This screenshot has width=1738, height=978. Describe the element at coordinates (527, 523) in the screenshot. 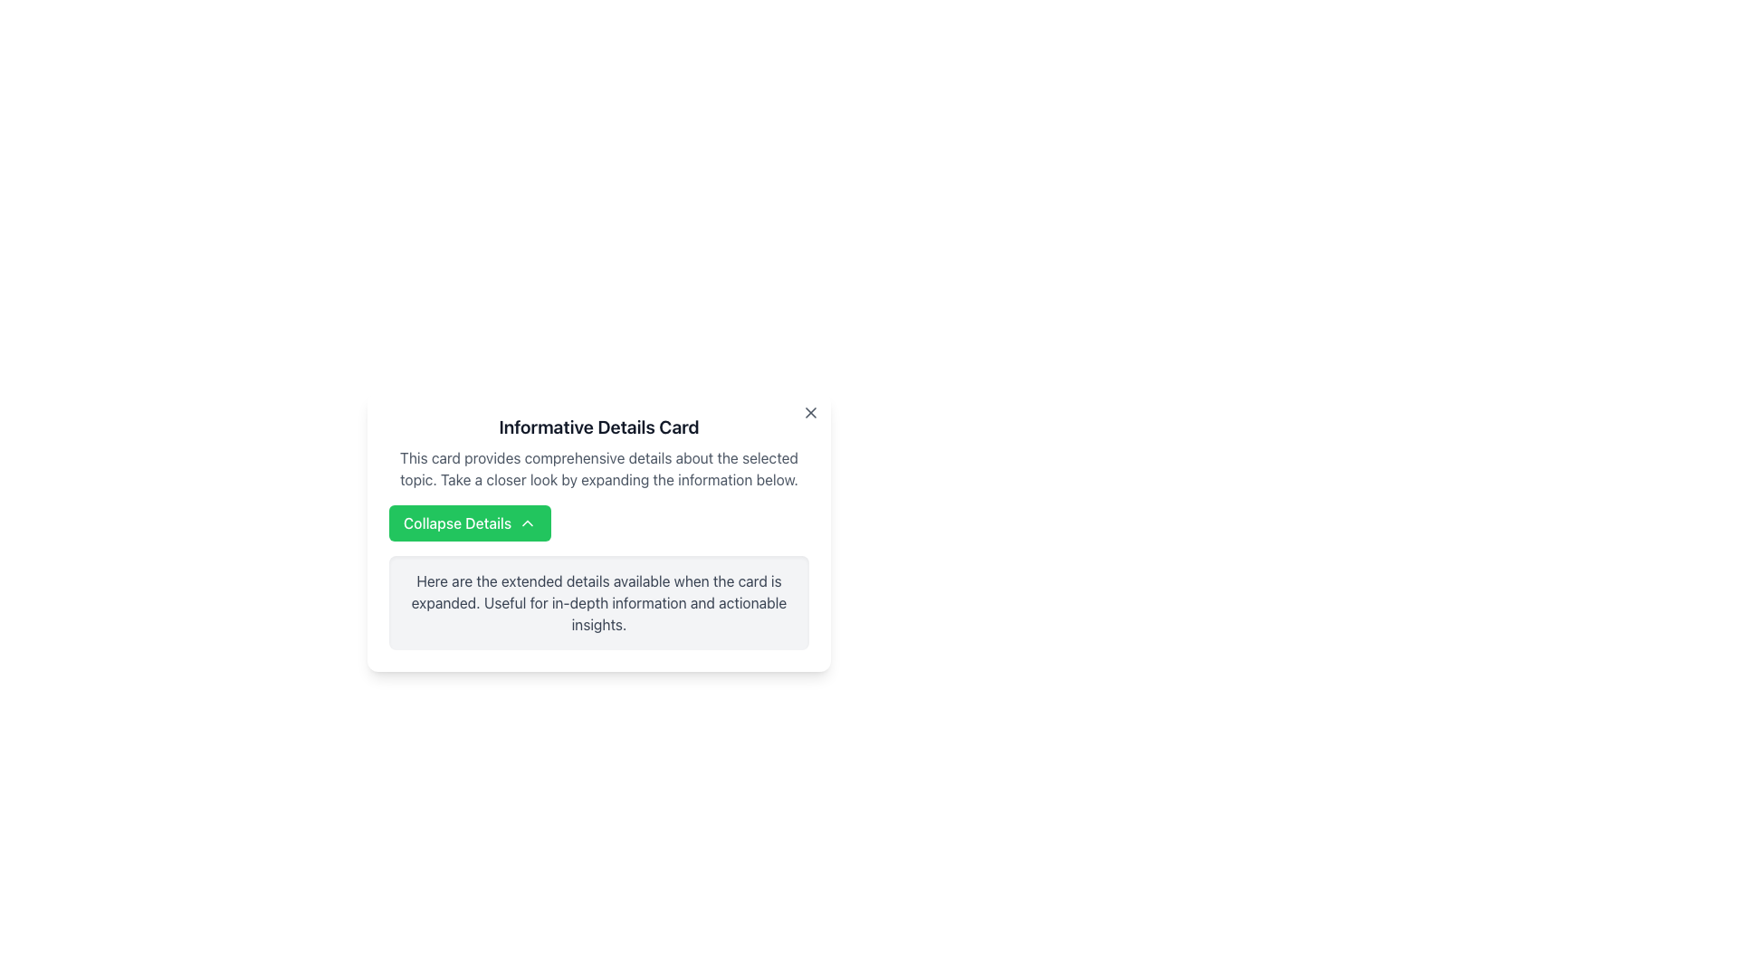

I see `the downward-pointing chevron arrow icon within the green button labeled 'Collapse Details'` at that location.